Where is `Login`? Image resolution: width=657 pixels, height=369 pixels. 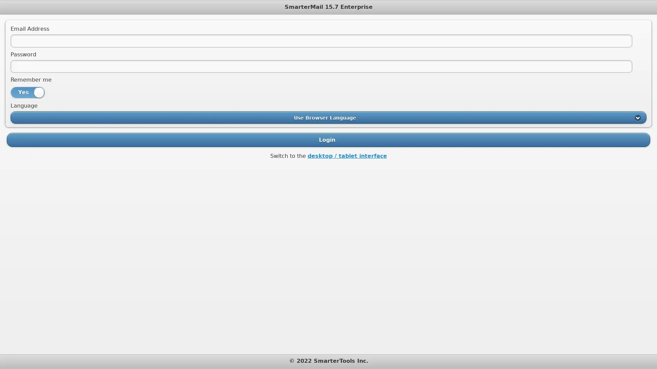
Login is located at coordinates (328, 139).